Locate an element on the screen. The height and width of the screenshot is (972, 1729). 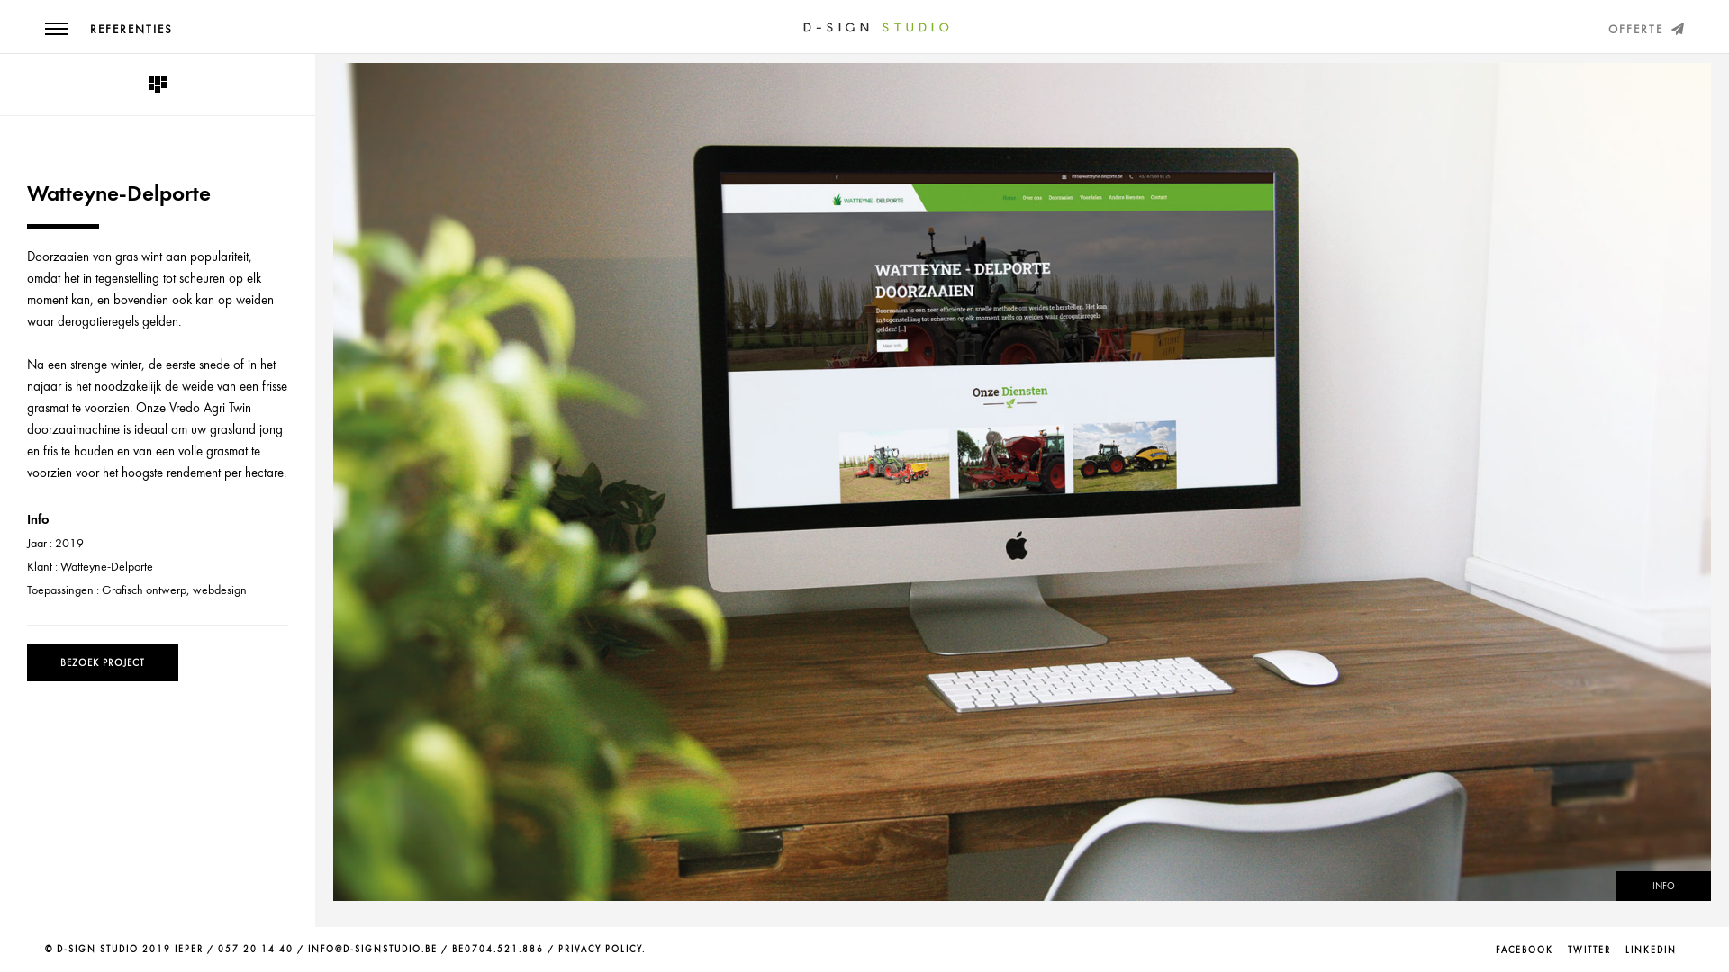
'INFO@D-SIGNSTUDIO.BE' is located at coordinates (371, 949).